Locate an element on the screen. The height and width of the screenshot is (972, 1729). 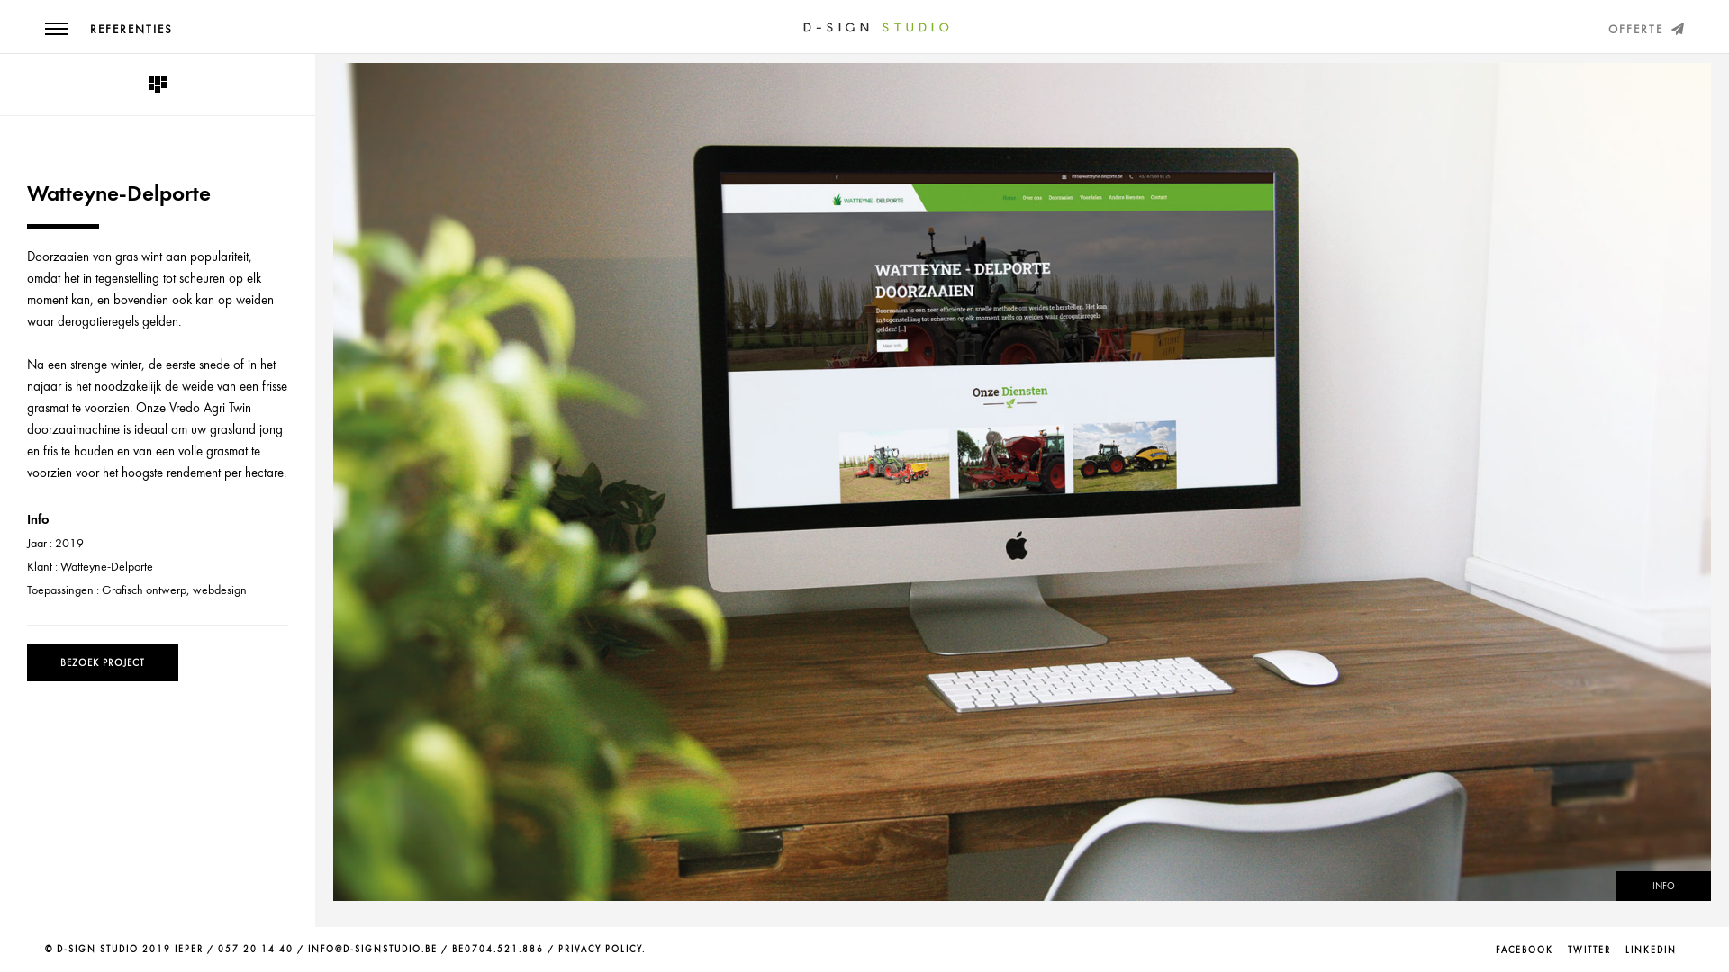
'INFO@D-SIGNSTUDIO.BE' is located at coordinates (371, 949).